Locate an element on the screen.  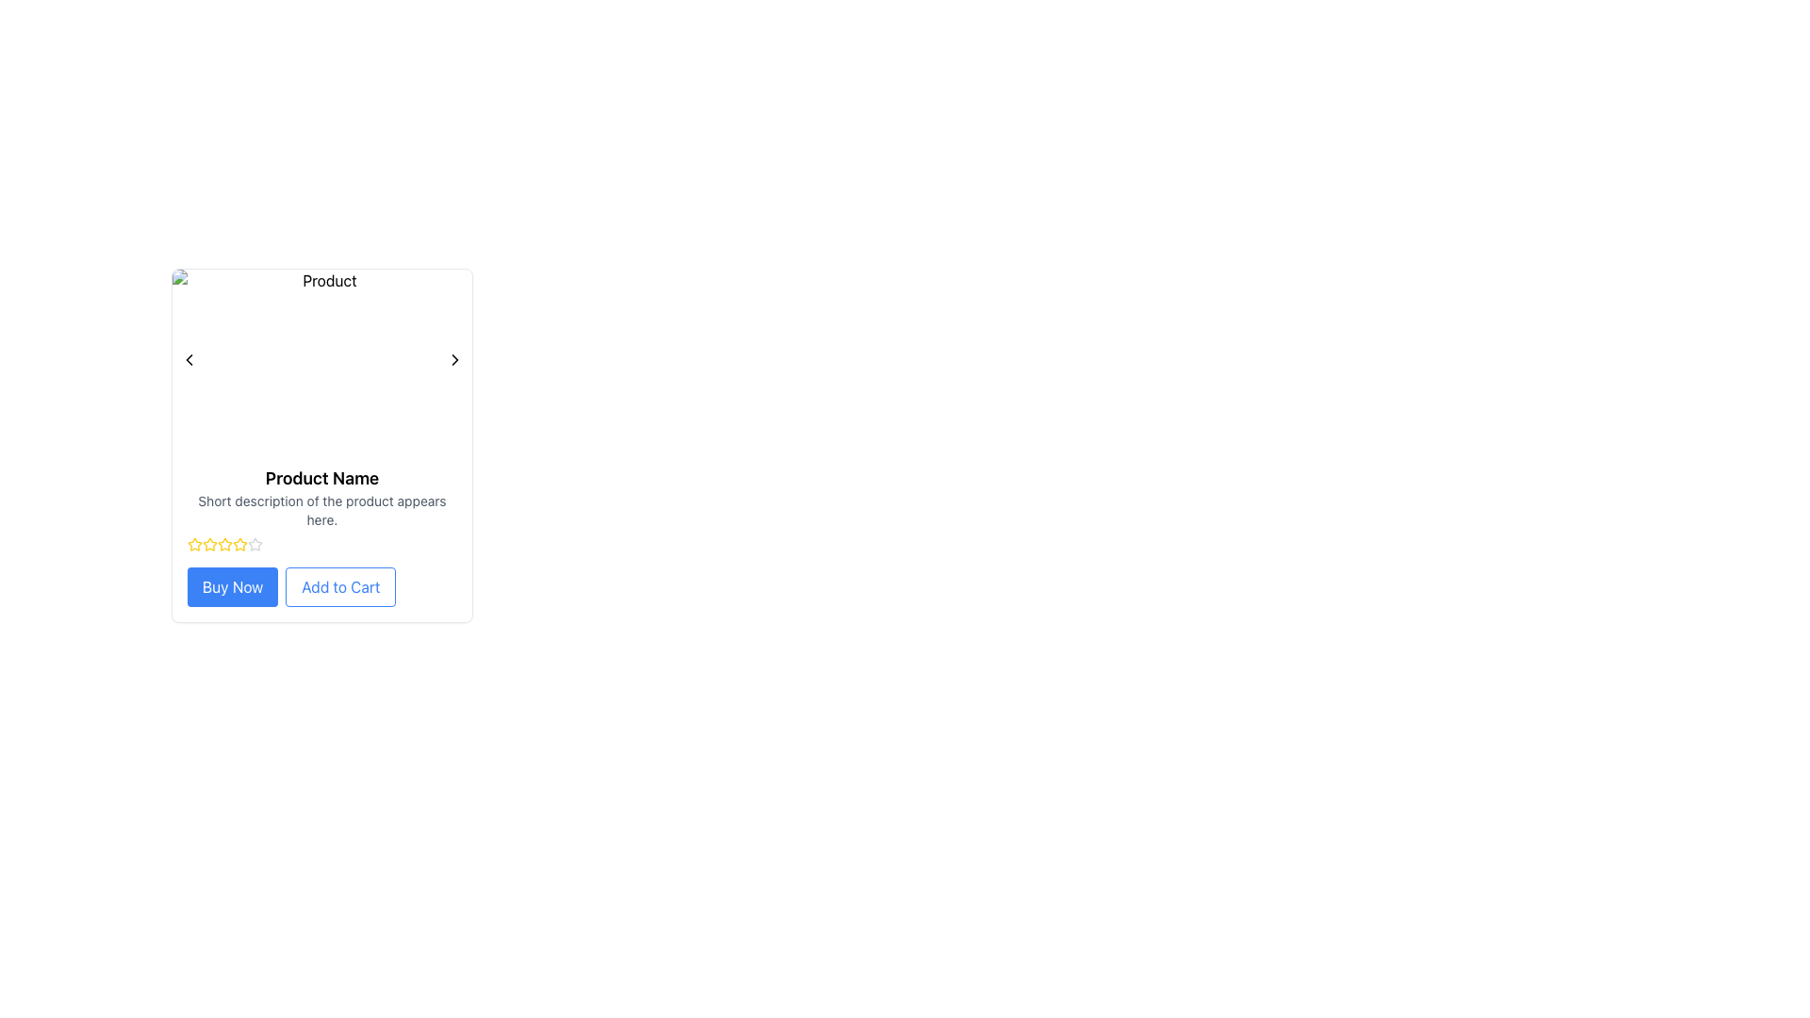
the star icon is located at coordinates (194, 545).